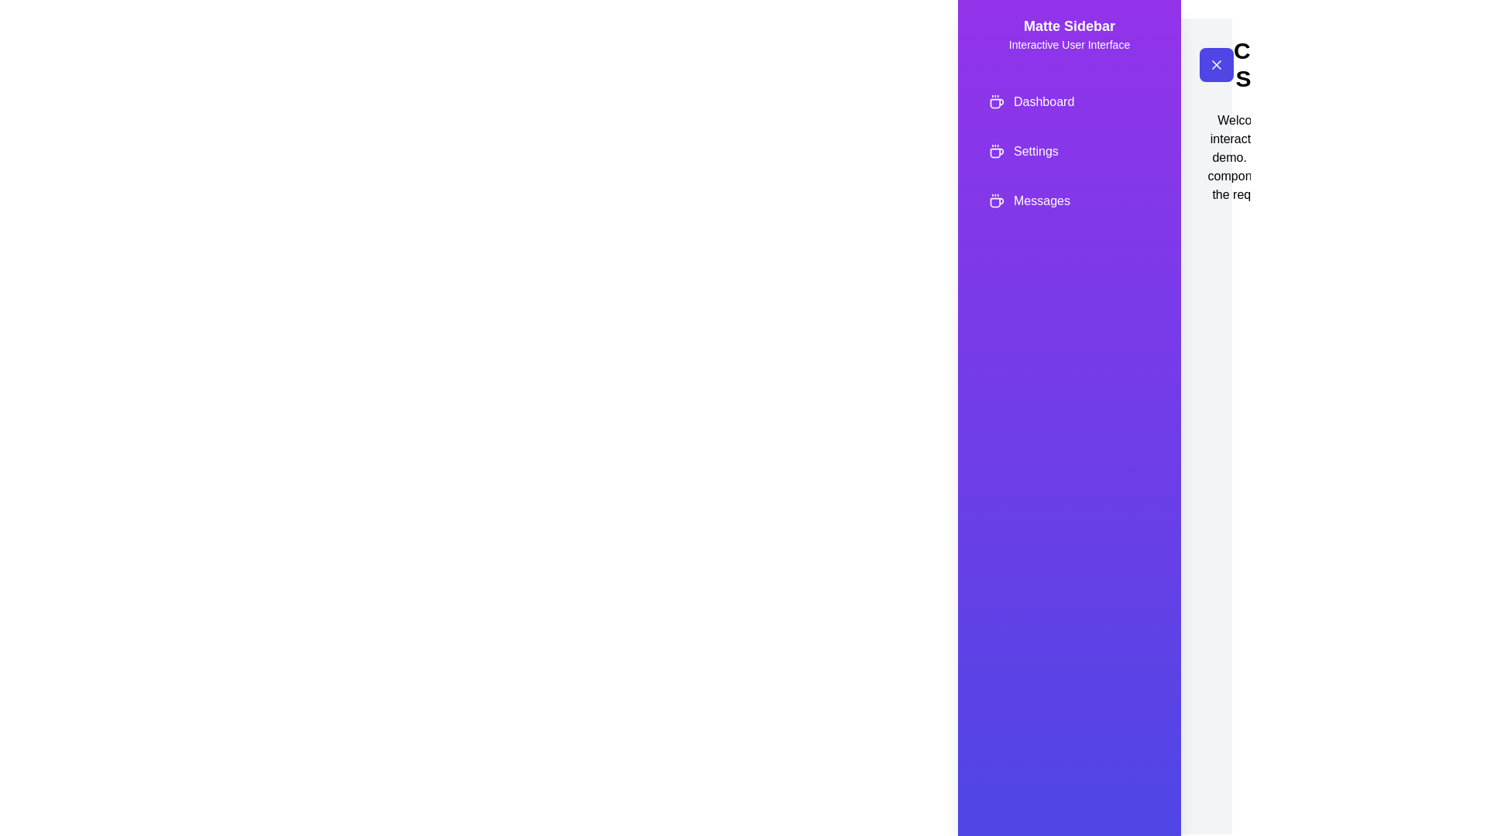  Describe the element at coordinates (996, 101) in the screenshot. I see `the coffee cup icon on the left sidebar, positioned above the 'Settings' and 'Messages' icons` at that location.